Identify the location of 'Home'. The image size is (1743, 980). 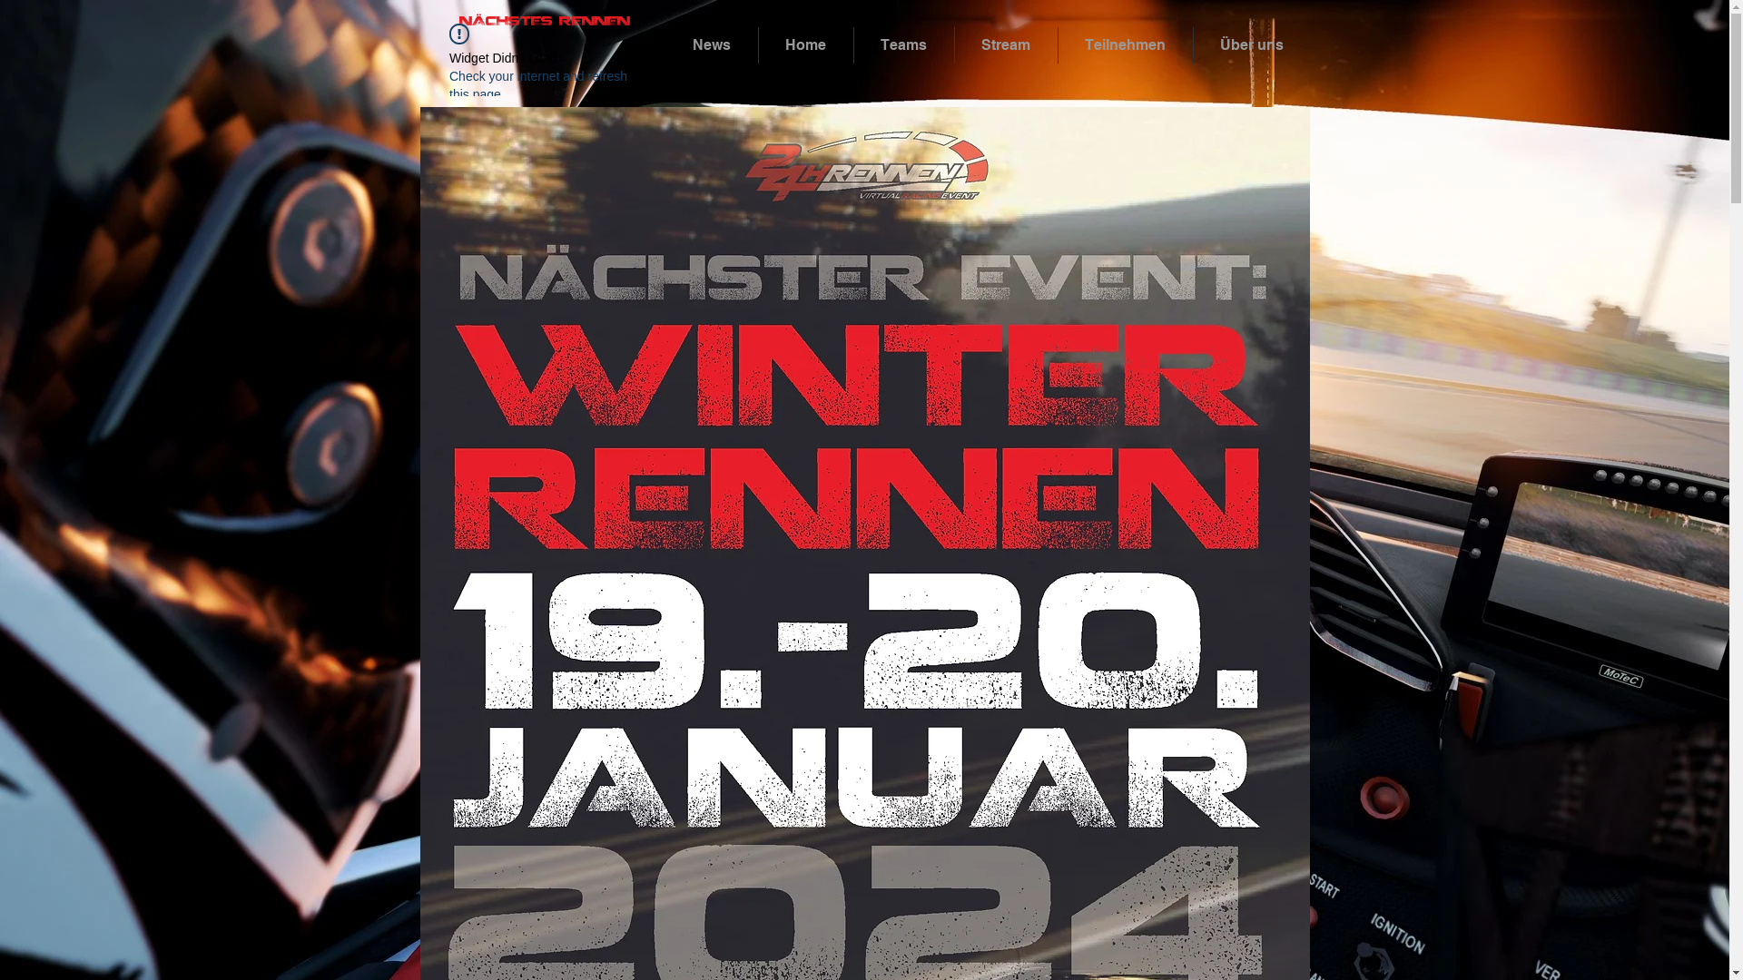
(758, 44).